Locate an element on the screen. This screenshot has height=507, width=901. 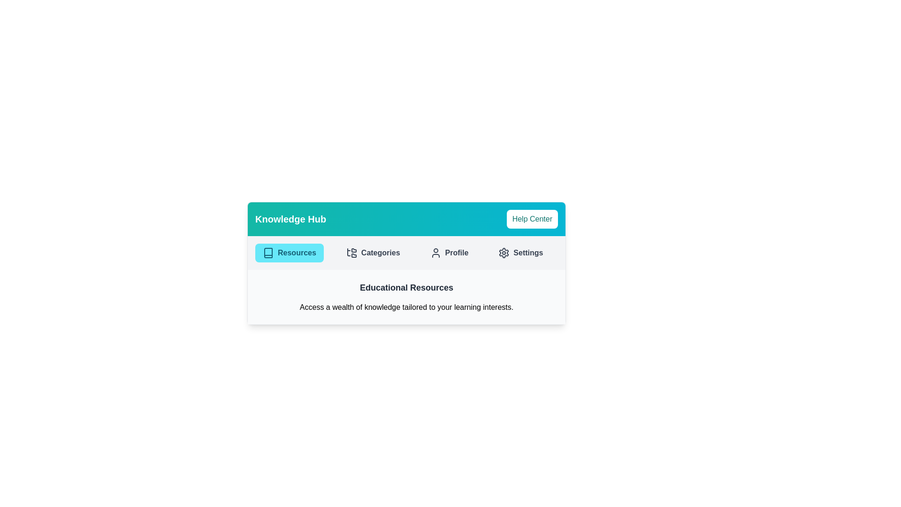
the fourth button in the horizontal menu row, located to the right of the 'Profile' button is located at coordinates (520, 253).